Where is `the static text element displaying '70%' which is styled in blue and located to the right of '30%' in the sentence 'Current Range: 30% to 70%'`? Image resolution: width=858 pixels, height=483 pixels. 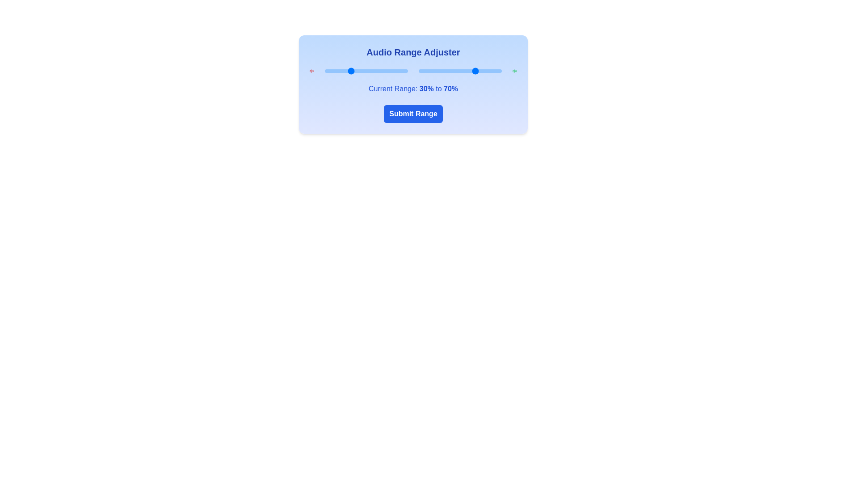
the static text element displaying '70%' which is styled in blue and located to the right of '30%' in the sentence 'Current Range: 30% to 70%' is located at coordinates (450, 89).